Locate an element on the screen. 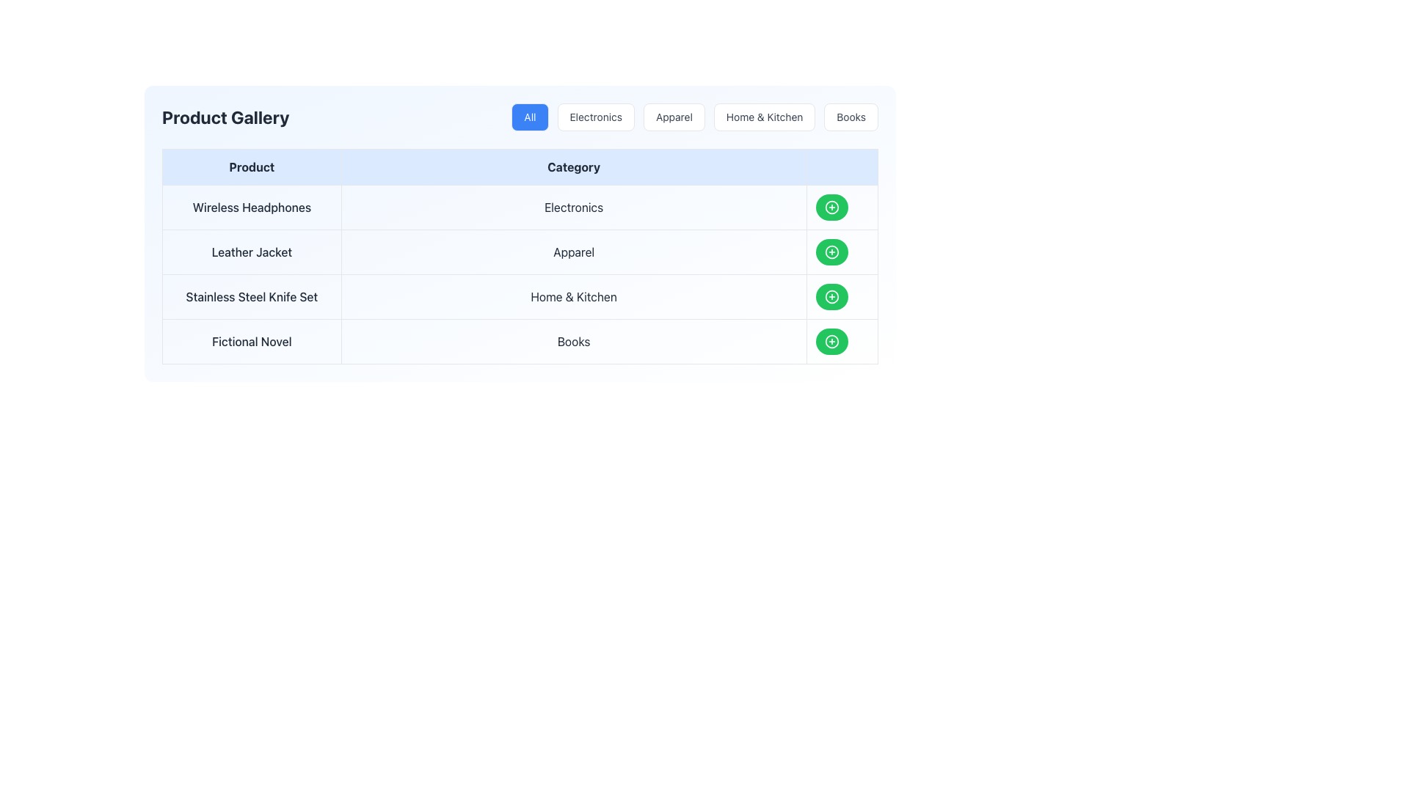 The height and width of the screenshot is (792, 1409). the text label displaying 'Fictional Novel' in dark text on a light background, which is the leftmost section of the last visible row in the table layout is located at coordinates (252, 342).